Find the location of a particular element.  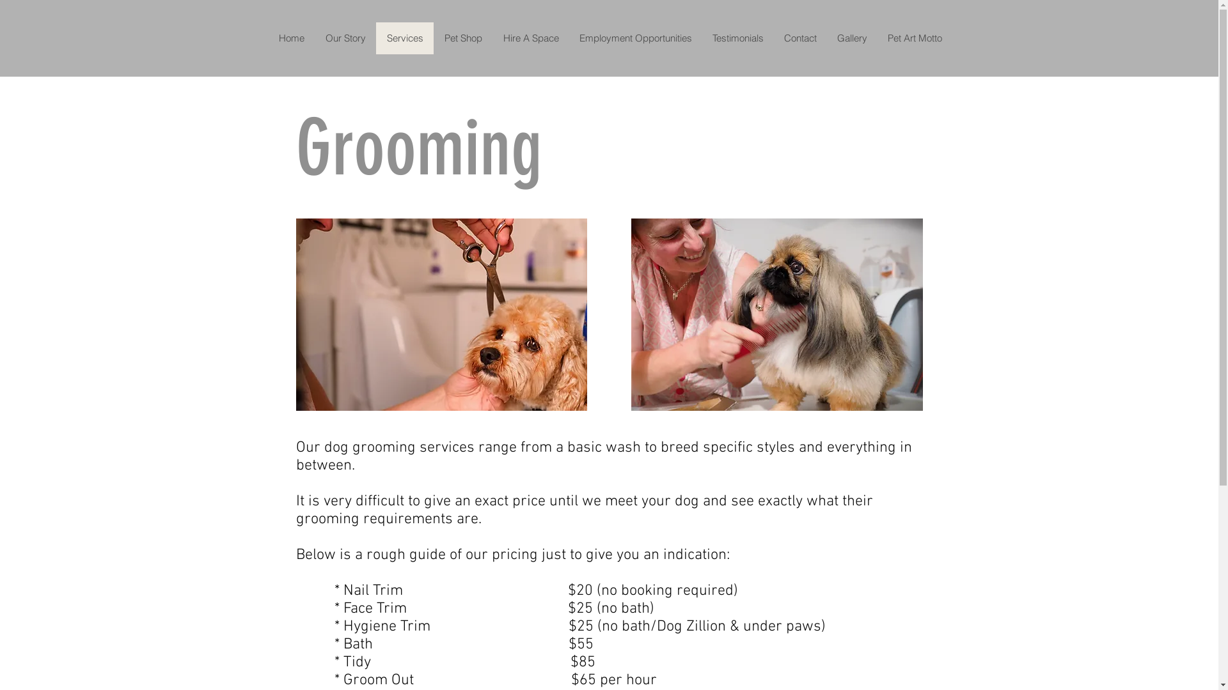

'Hire A Space' is located at coordinates (531, 38).